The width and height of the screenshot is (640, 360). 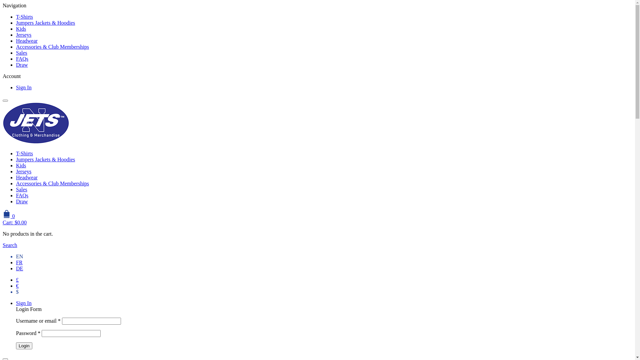 What do you see at coordinates (22, 201) in the screenshot?
I see `'Draw'` at bounding box center [22, 201].